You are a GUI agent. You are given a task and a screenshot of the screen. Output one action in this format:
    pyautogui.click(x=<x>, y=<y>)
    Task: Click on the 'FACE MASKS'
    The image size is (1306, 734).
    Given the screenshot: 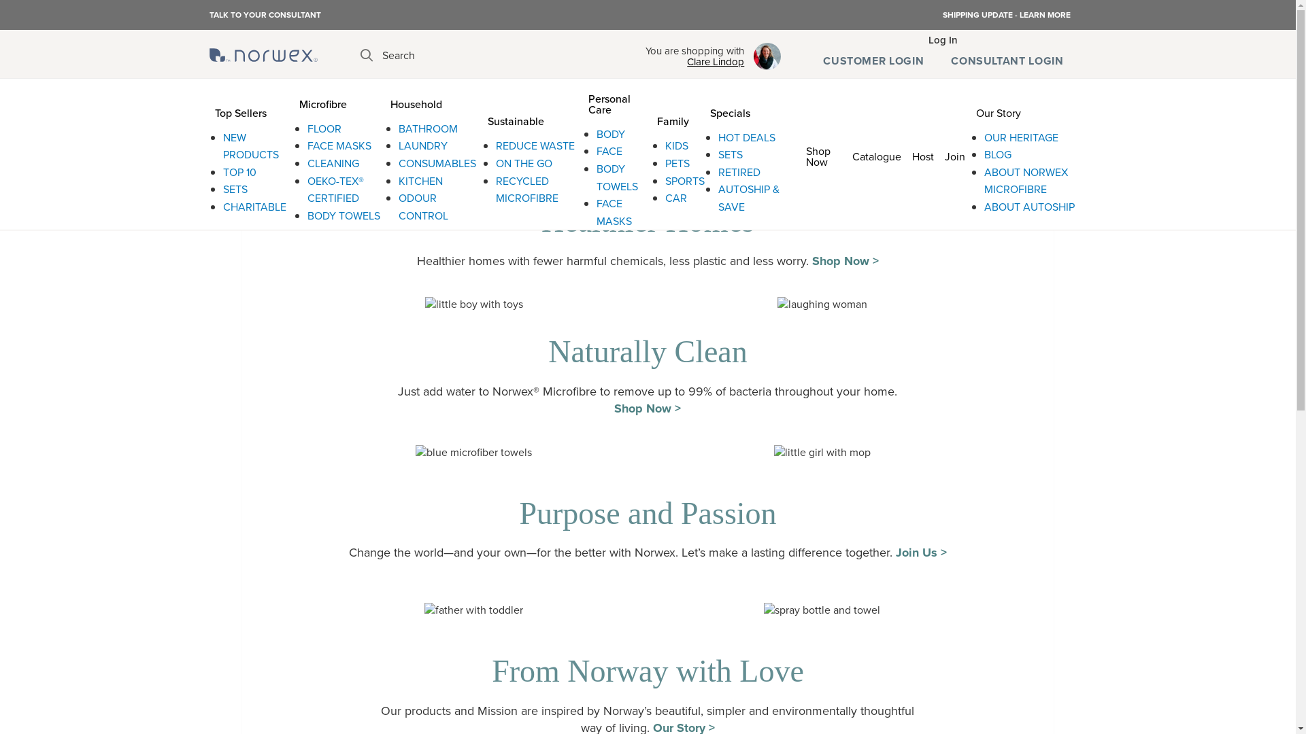 What is the action you would take?
    pyautogui.click(x=613, y=212)
    